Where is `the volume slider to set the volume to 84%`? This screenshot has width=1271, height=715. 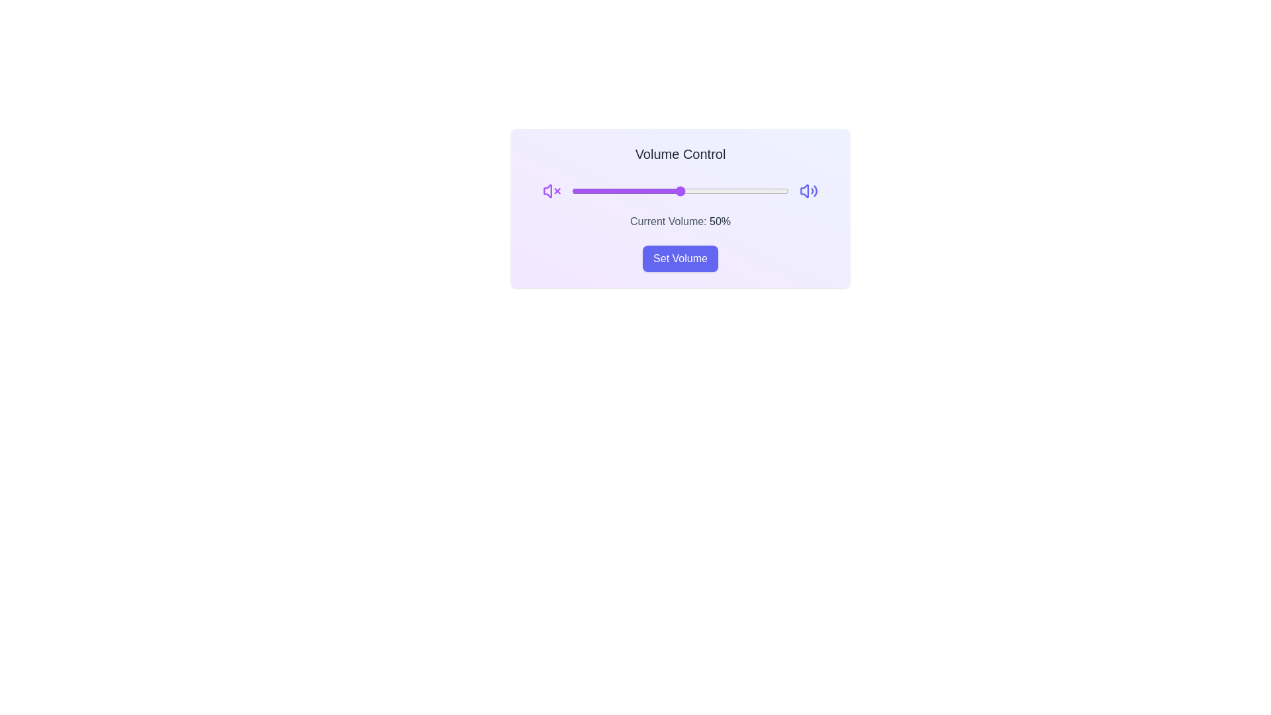
the volume slider to set the volume to 84% is located at coordinates (753, 191).